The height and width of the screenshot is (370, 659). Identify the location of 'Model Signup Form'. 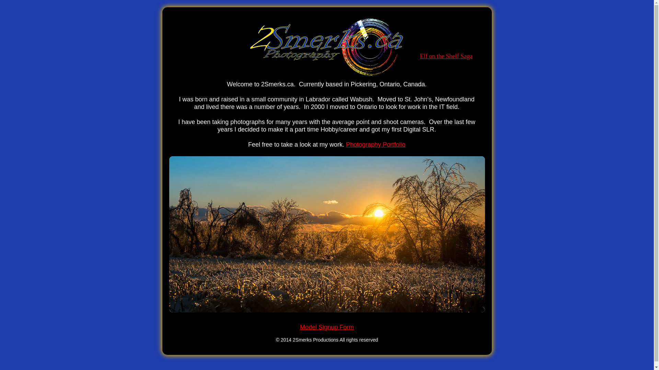
(326, 327).